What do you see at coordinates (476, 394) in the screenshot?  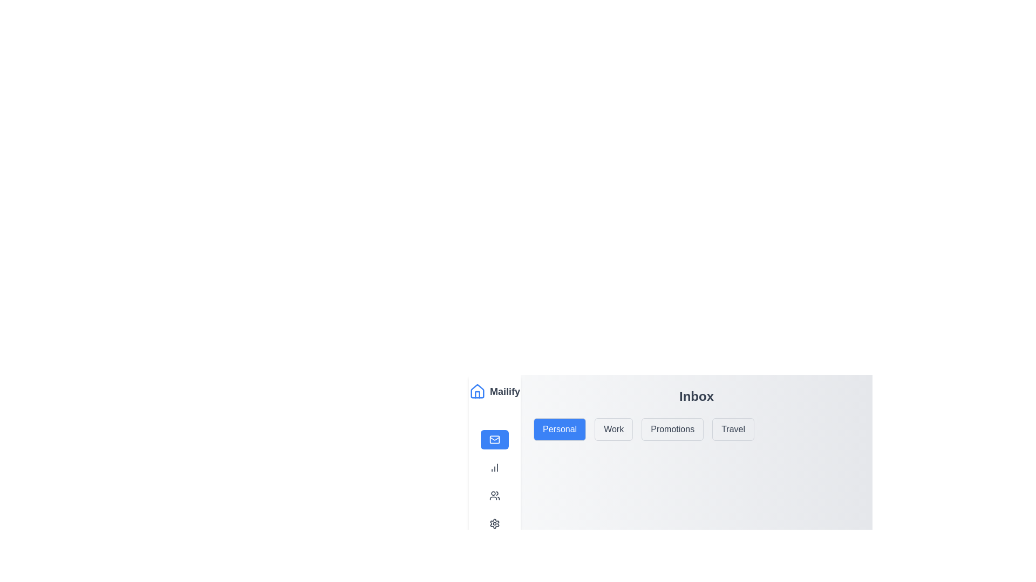 I see `the minimalist house icon button with a thin blue border located in the vertical navigation bar, adjacent to the text 'Mailify'` at bounding box center [476, 394].